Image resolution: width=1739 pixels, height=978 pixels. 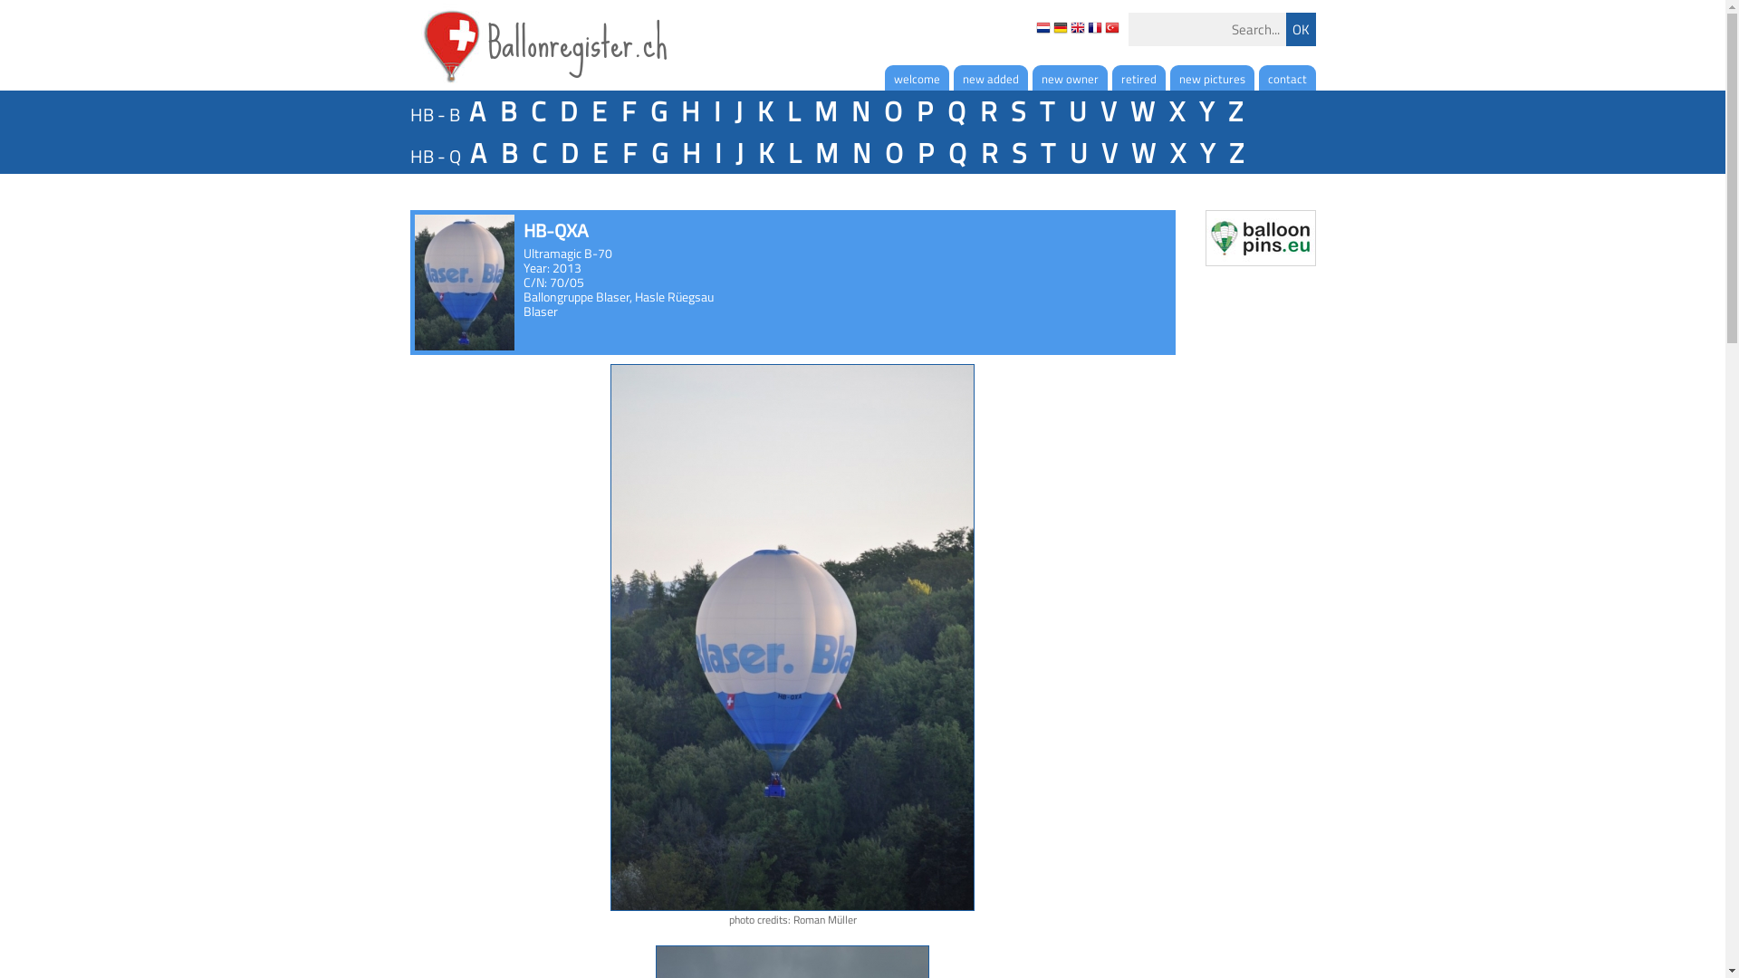 I want to click on 'J', so click(x=739, y=152).